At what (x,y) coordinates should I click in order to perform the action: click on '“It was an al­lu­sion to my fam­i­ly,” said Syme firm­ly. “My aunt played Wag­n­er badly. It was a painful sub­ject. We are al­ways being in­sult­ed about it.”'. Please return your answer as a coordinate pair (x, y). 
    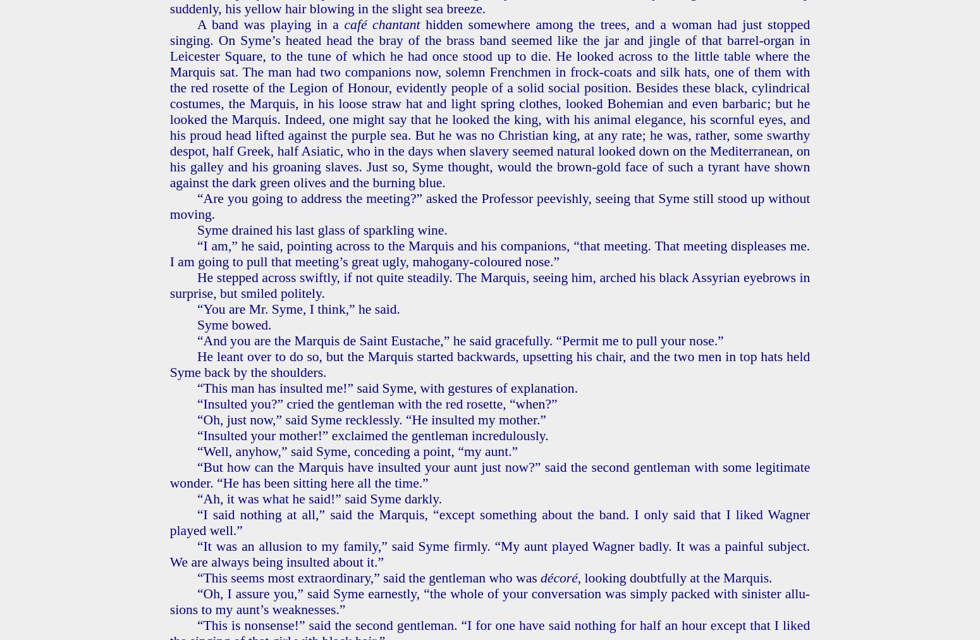
    Looking at the image, I should click on (489, 553).